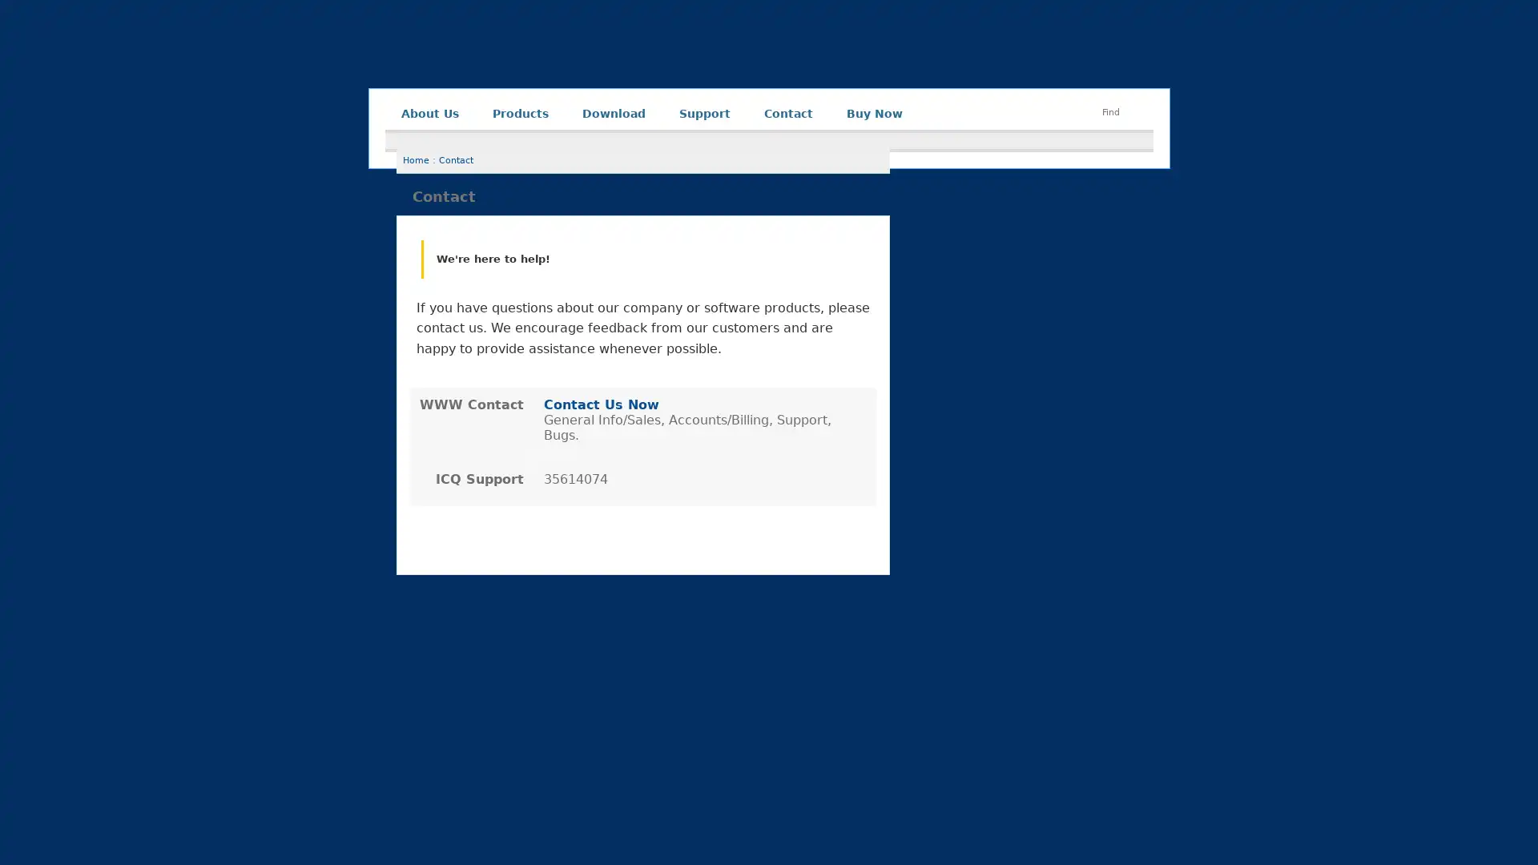 The width and height of the screenshot is (1538, 865). What do you see at coordinates (1109, 111) in the screenshot?
I see `Find` at bounding box center [1109, 111].